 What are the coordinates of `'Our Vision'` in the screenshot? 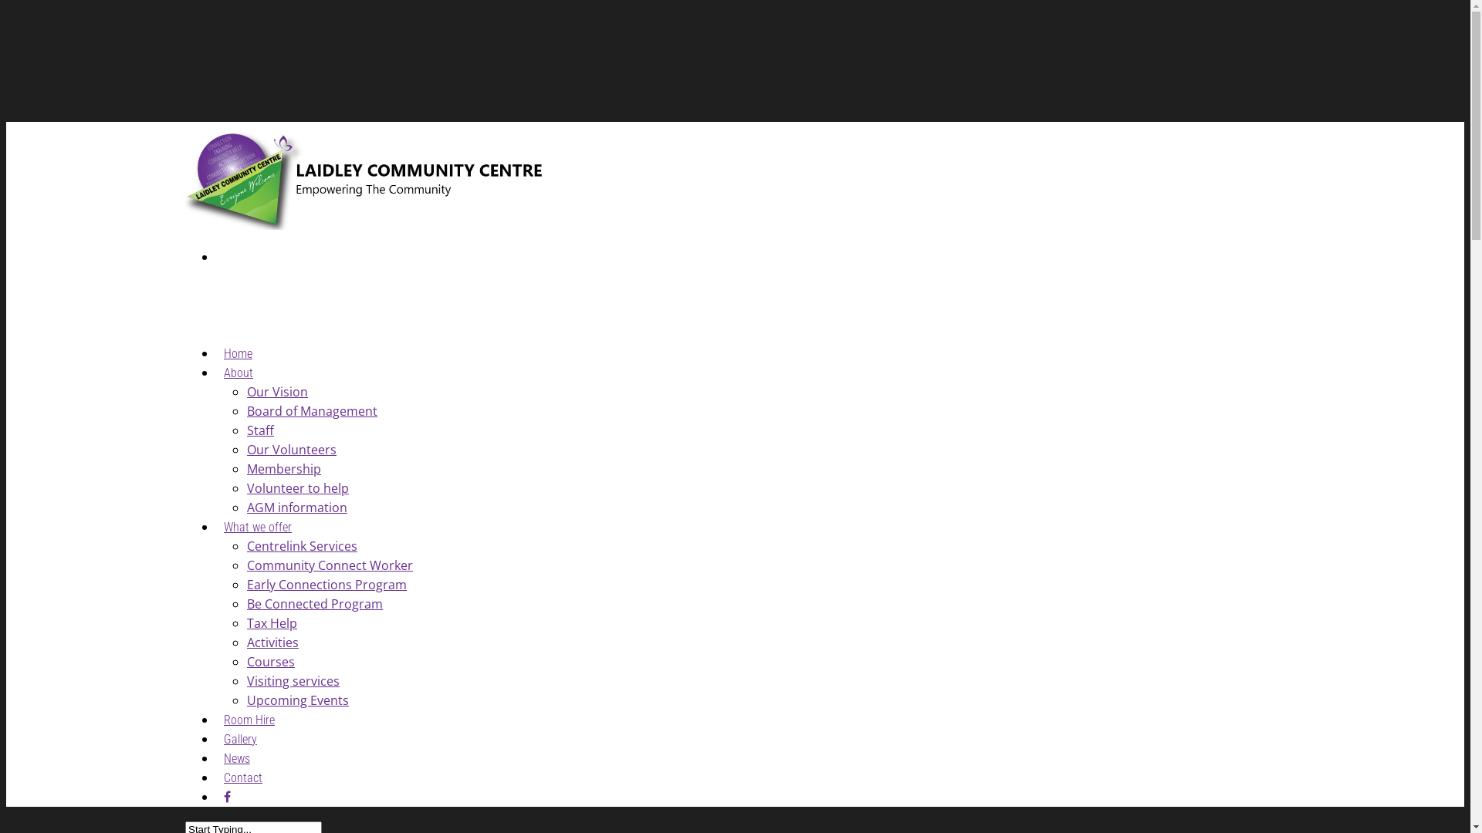 It's located at (277, 391).